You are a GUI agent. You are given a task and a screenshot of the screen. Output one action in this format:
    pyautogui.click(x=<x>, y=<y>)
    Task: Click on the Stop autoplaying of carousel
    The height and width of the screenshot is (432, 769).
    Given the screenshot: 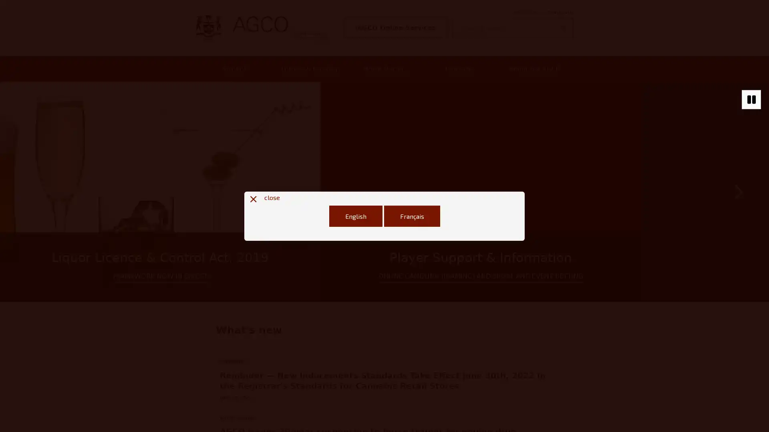 What is the action you would take?
    pyautogui.click(x=751, y=99)
    